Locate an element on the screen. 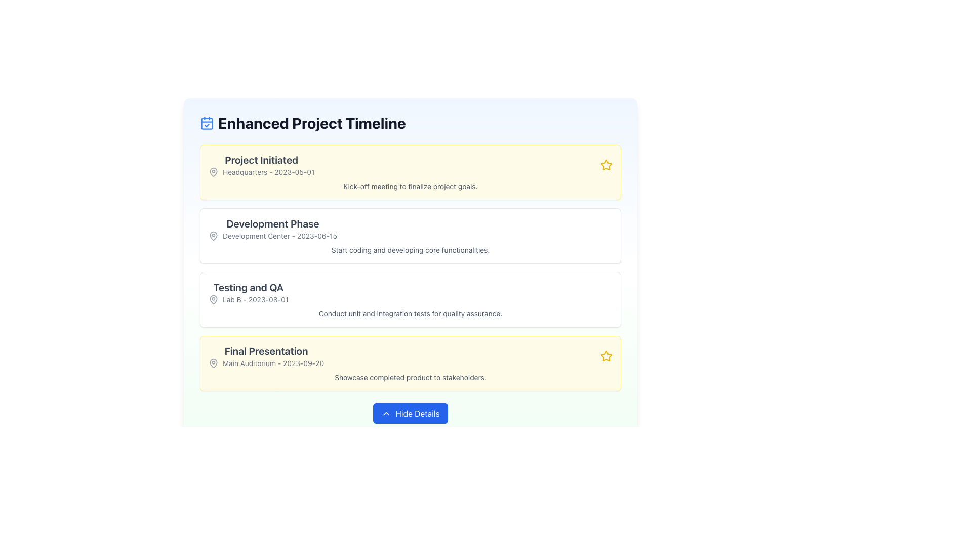  the star icon in the 'Final Presentation' box that indicates importance, located next to 'Showcase completed product to stakeholders.' is located at coordinates (606, 356).